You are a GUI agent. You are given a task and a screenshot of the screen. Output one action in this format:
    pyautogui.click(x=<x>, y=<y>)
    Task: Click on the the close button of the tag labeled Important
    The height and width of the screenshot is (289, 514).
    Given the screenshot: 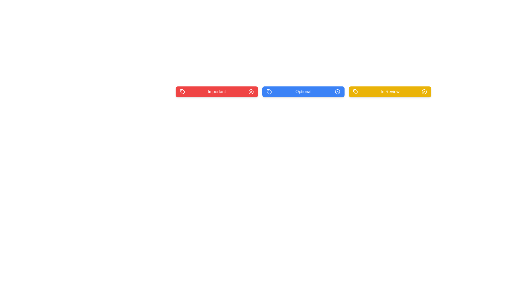 What is the action you would take?
    pyautogui.click(x=251, y=92)
    